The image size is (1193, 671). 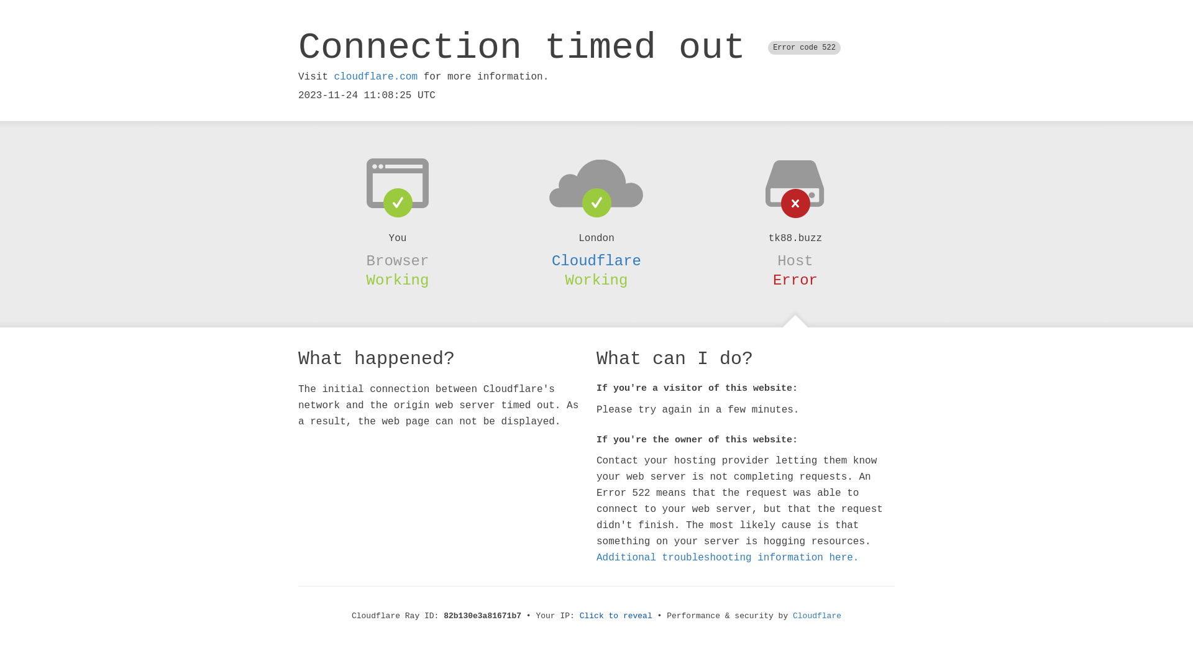 What do you see at coordinates (792, 616) in the screenshot?
I see `'Cloudflare'` at bounding box center [792, 616].